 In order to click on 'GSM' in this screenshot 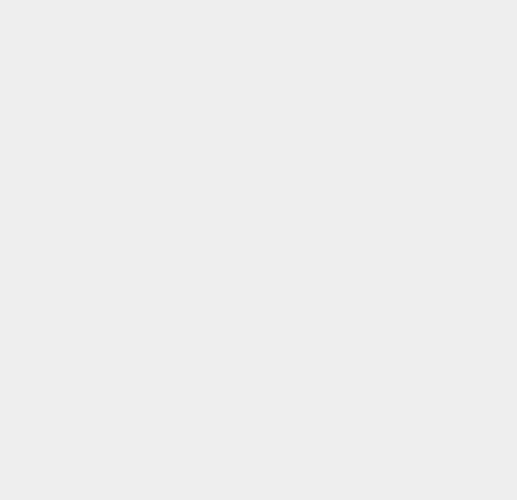, I will do `click(372, 442)`.